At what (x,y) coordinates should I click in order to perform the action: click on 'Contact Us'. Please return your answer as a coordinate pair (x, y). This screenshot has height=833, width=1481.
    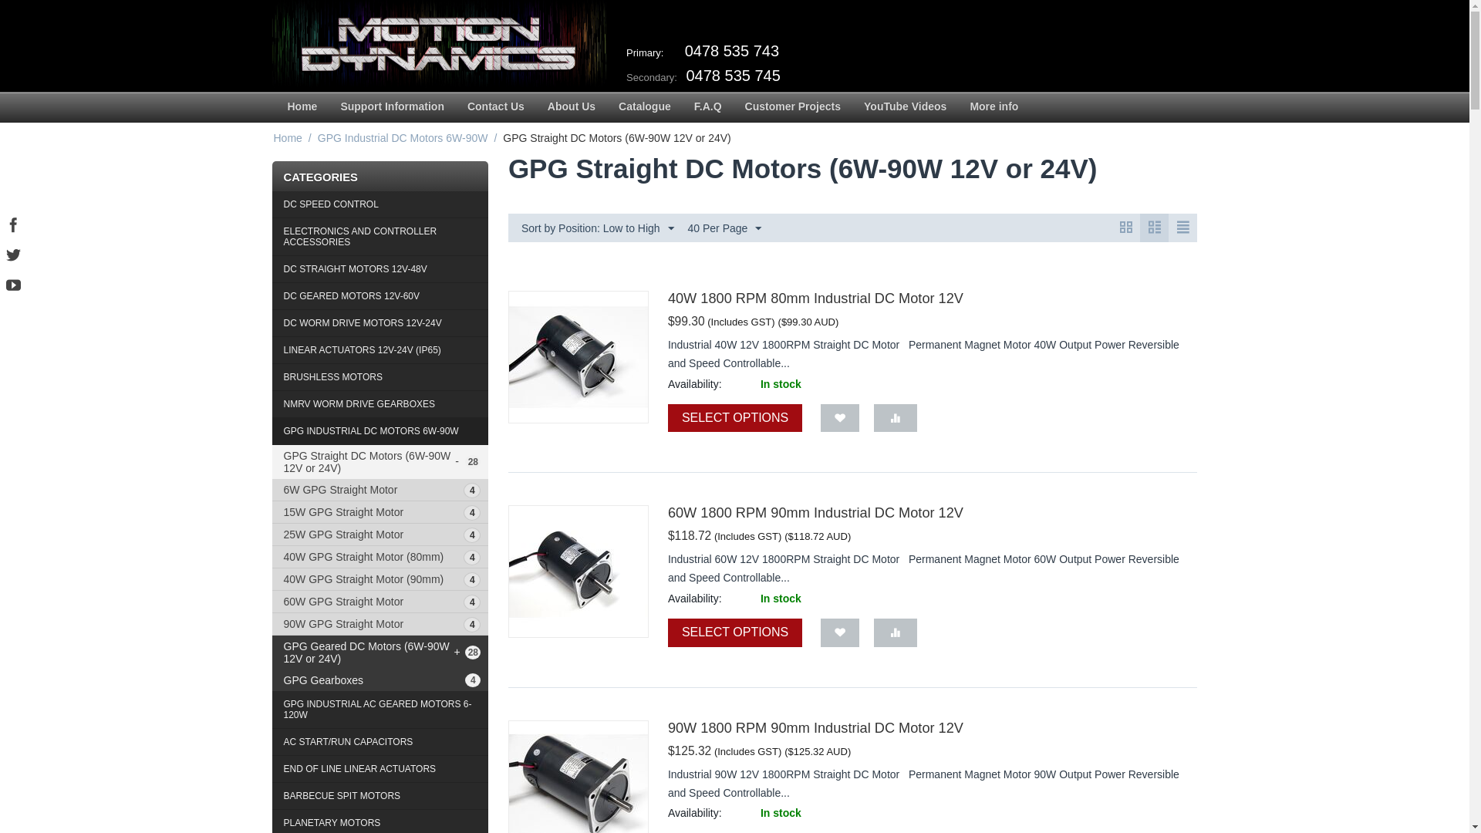
    Looking at the image, I should click on (454, 106).